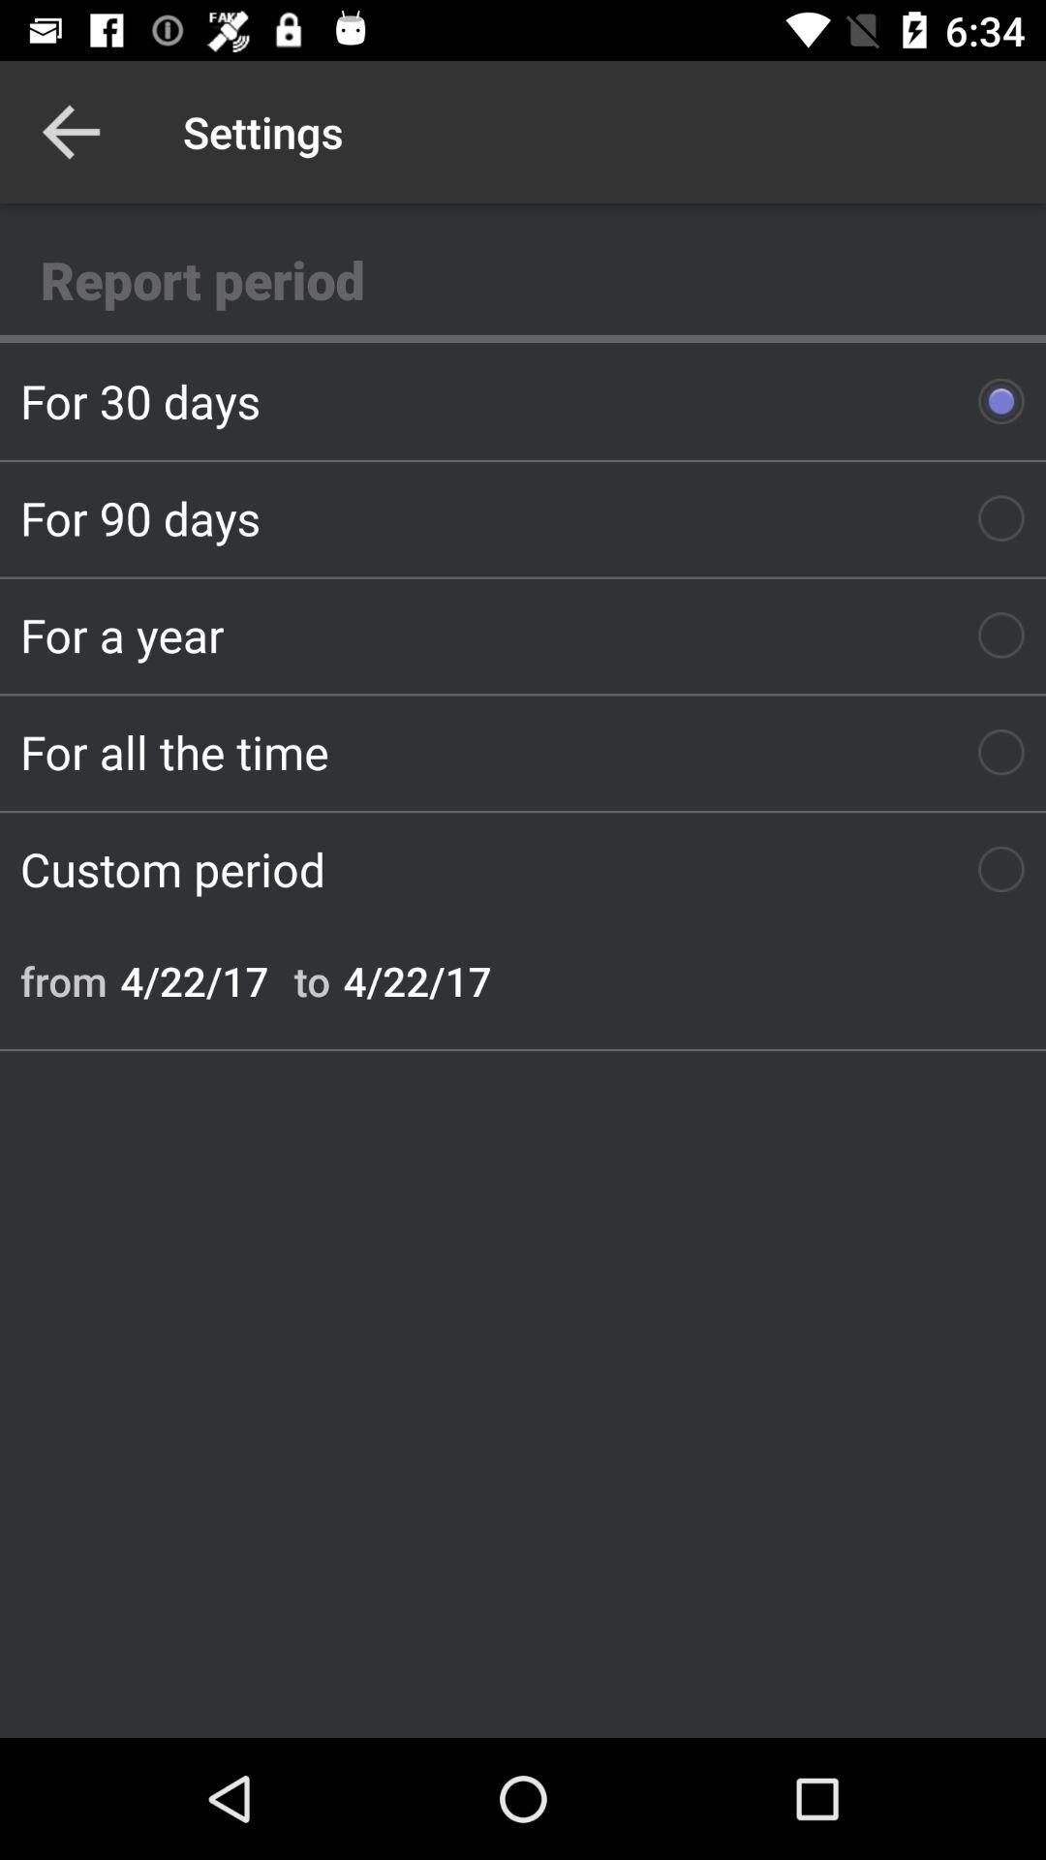 This screenshot has height=1860, width=1046. Describe the element at coordinates (70, 131) in the screenshot. I see `back` at that location.